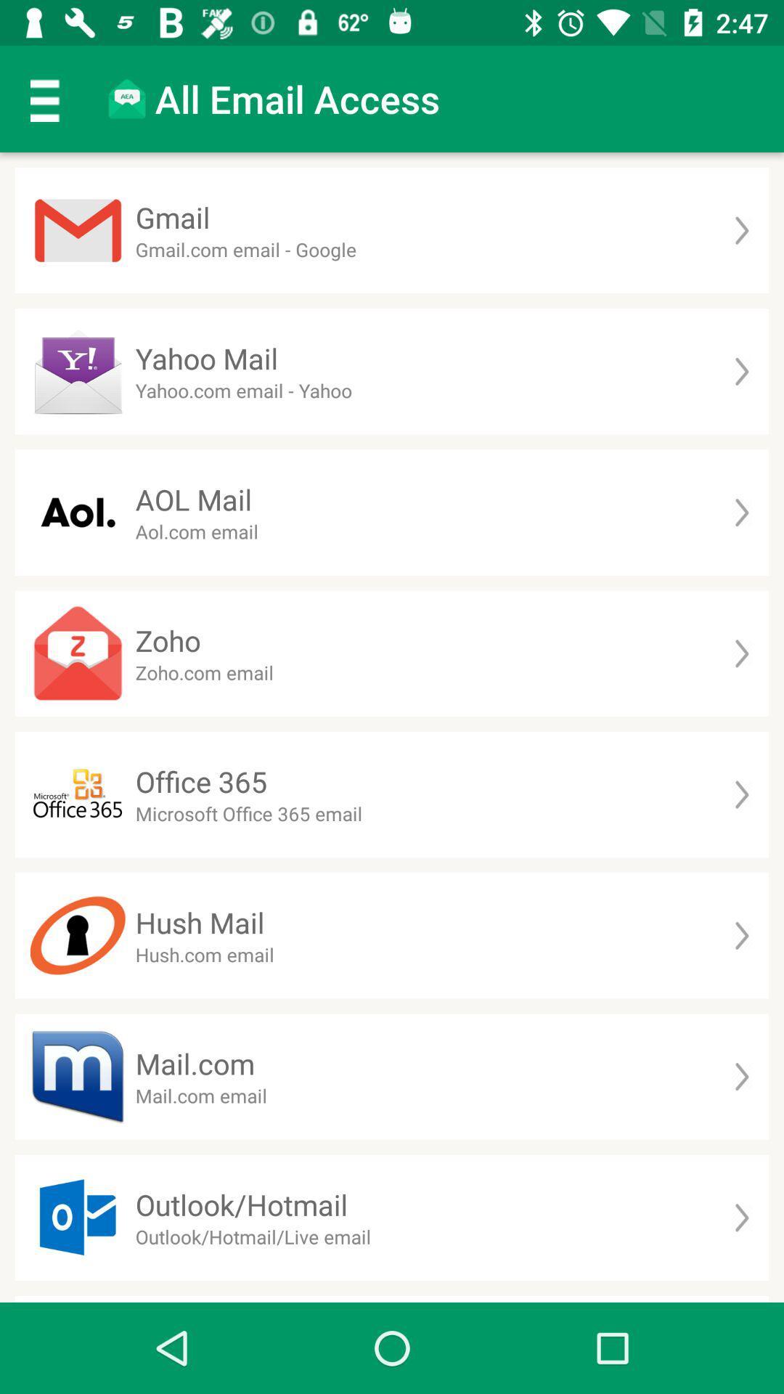 This screenshot has height=1394, width=784. What do you see at coordinates (200, 921) in the screenshot?
I see `hush mail` at bounding box center [200, 921].